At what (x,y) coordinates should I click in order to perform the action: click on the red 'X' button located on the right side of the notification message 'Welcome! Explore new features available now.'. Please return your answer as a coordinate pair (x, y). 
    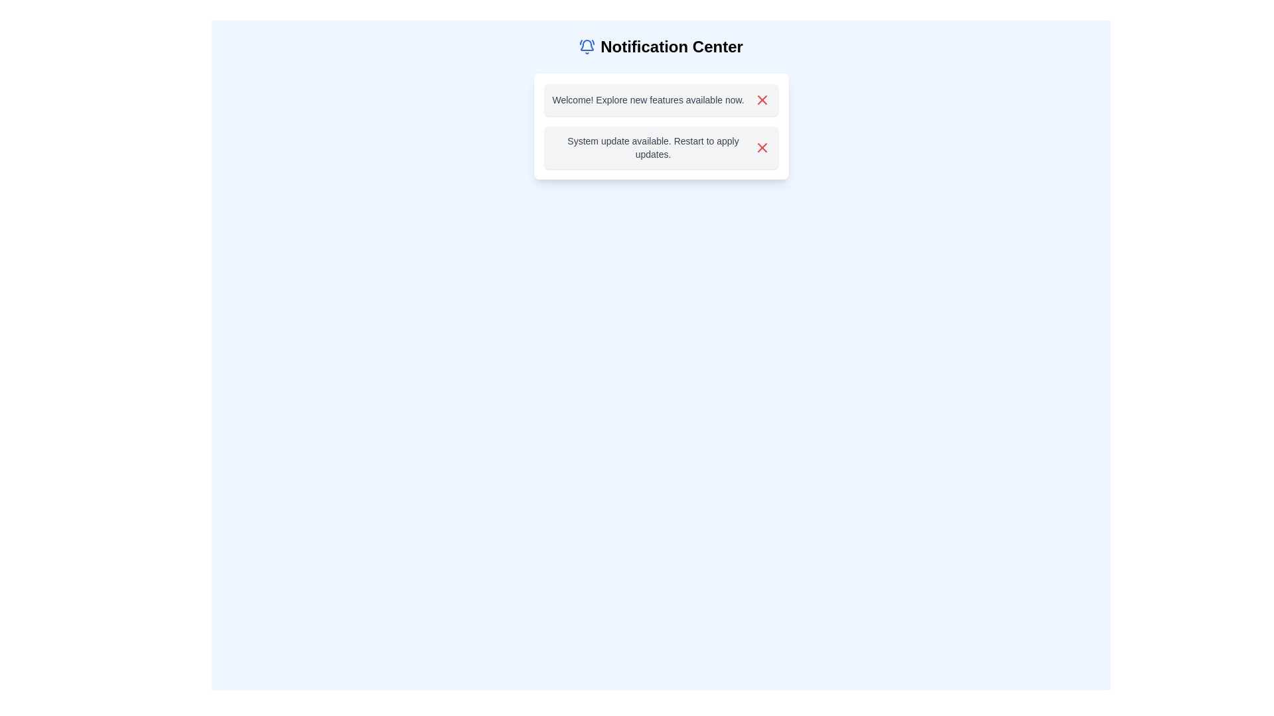
    Looking at the image, I should click on (762, 99).